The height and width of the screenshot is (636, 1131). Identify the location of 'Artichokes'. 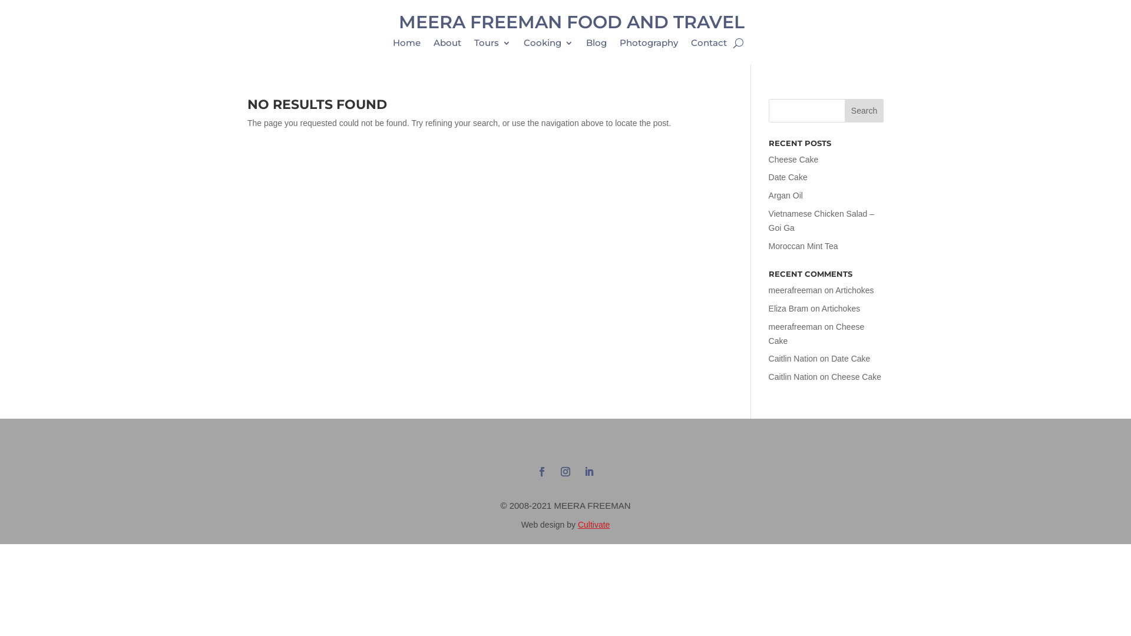
(821, 308).